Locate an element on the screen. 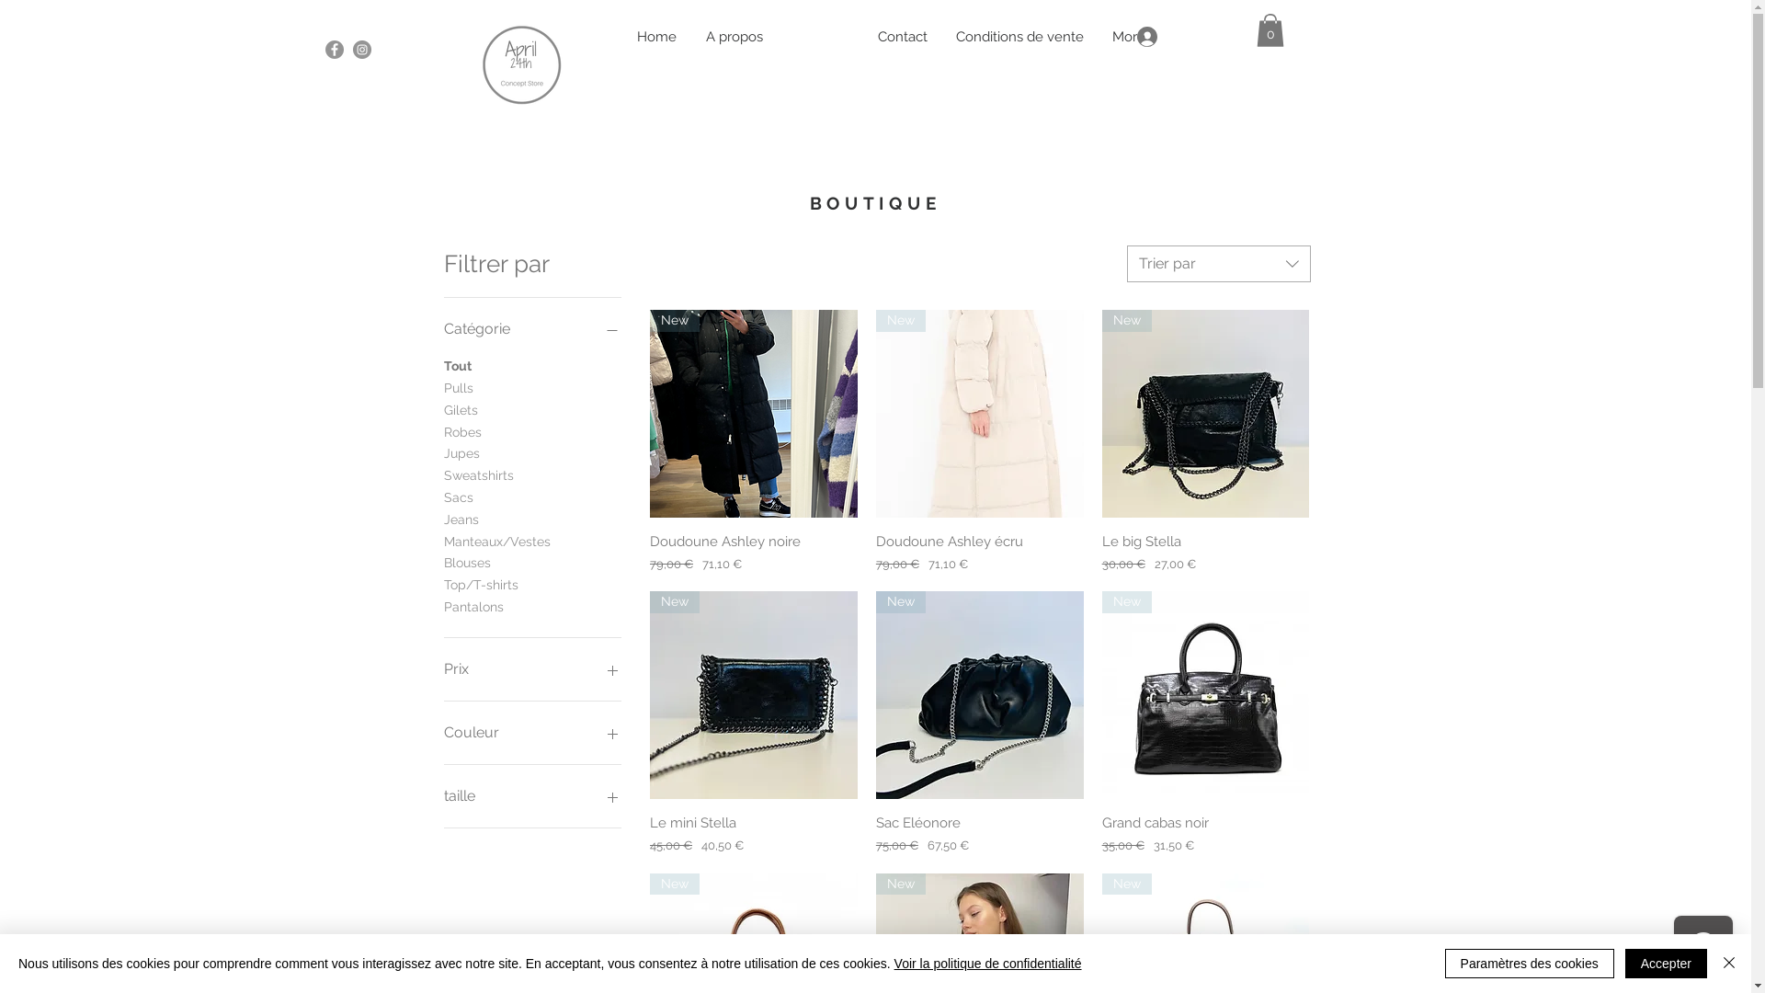  'A propos' is located at coordinates (690, 36).